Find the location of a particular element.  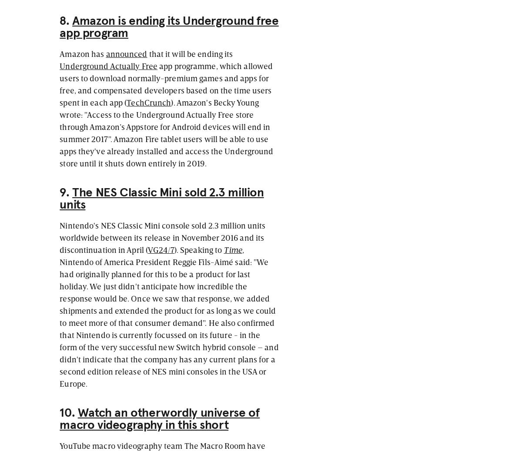

'Amazon has' is located at coordinates (82, 53).